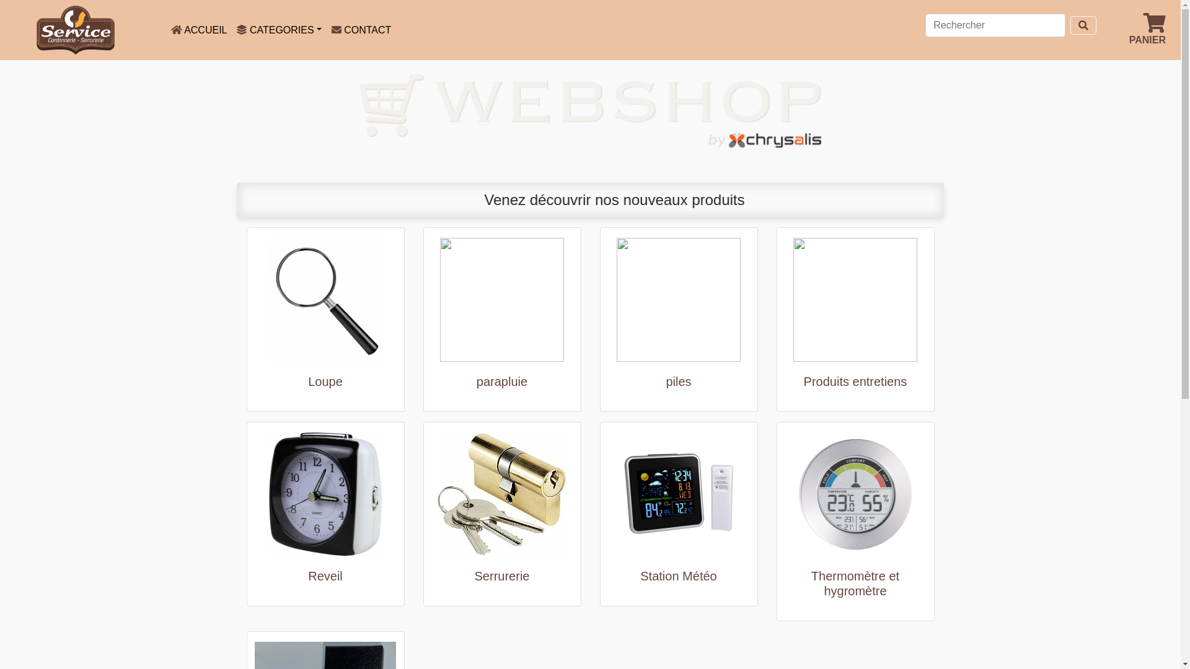  I want to click on 'PANIER', so click(1147, 28).